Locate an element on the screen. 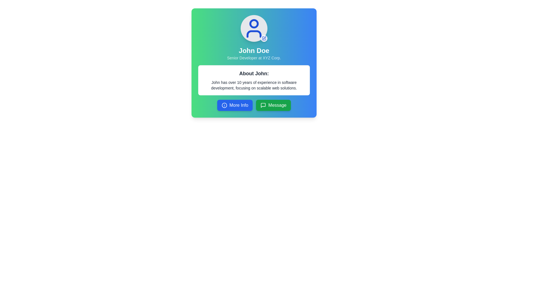  information displayed in the Informational Text Section about John's professional experience, which is a white card with rounded corners and a shadow effect, located centrally between the header 'John Doe' and the buttons 'More Info' and 'Message' is located at coordinates (254, 80).